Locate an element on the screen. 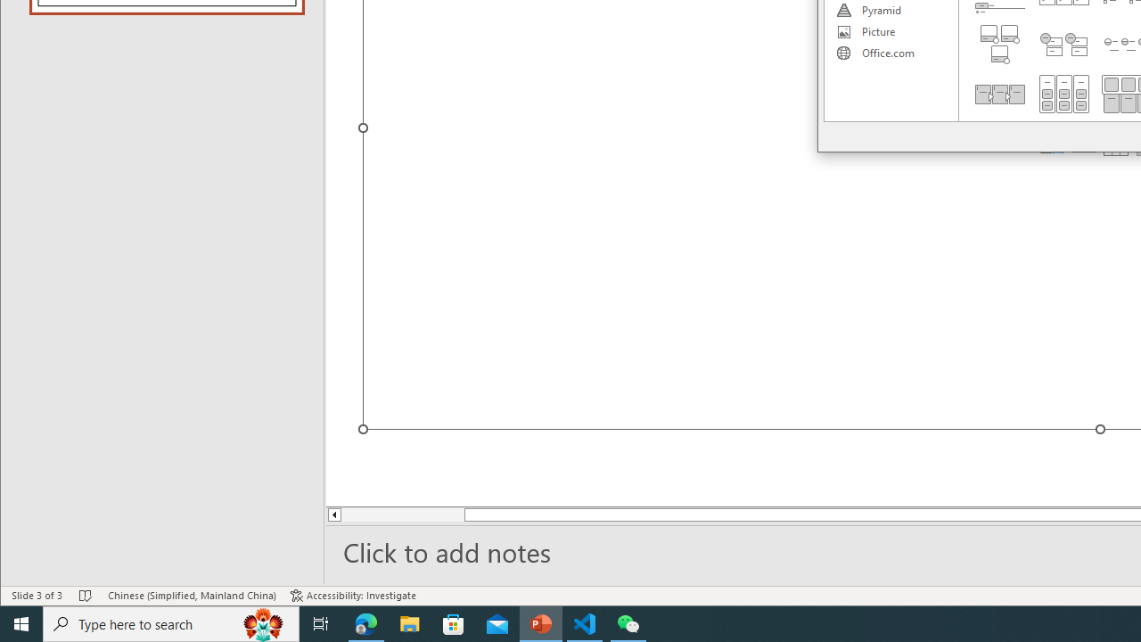  'Stacked List' is located at coordinates (1064, 44).